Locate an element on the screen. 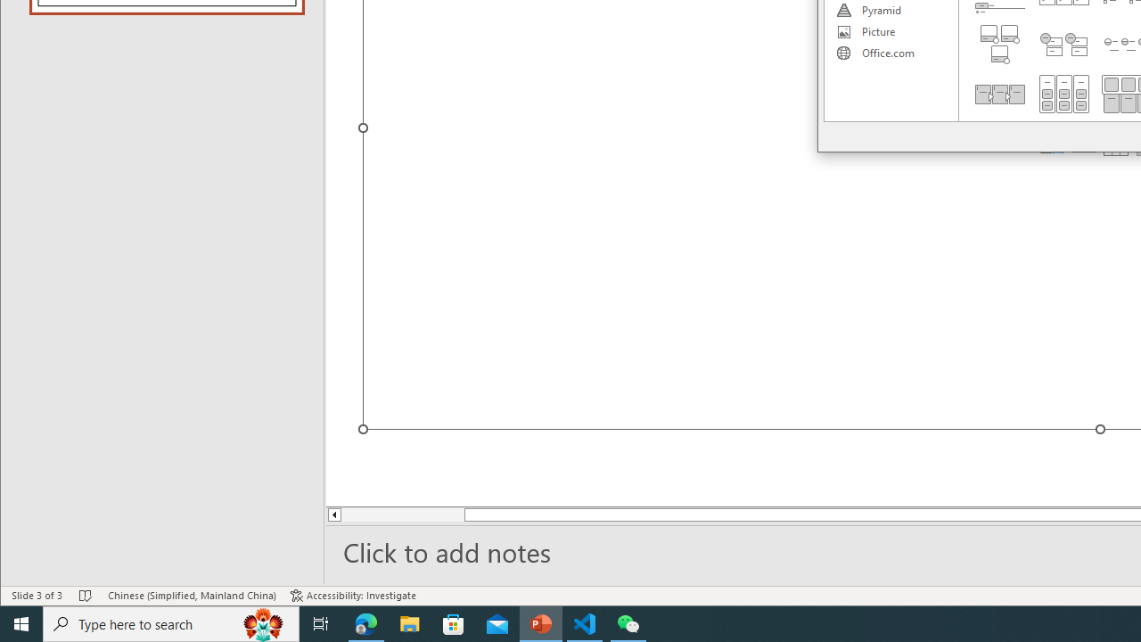  'Stacked List' is located at coordinates (1064, 44).